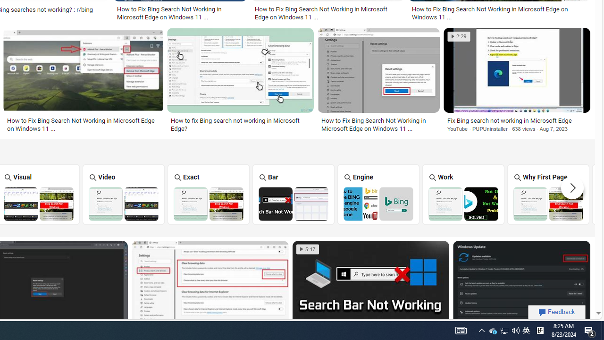  What do you see at coordinates (308, 249) in the screenshot?
I see `'5:17'` at bounding box center [308, 249].